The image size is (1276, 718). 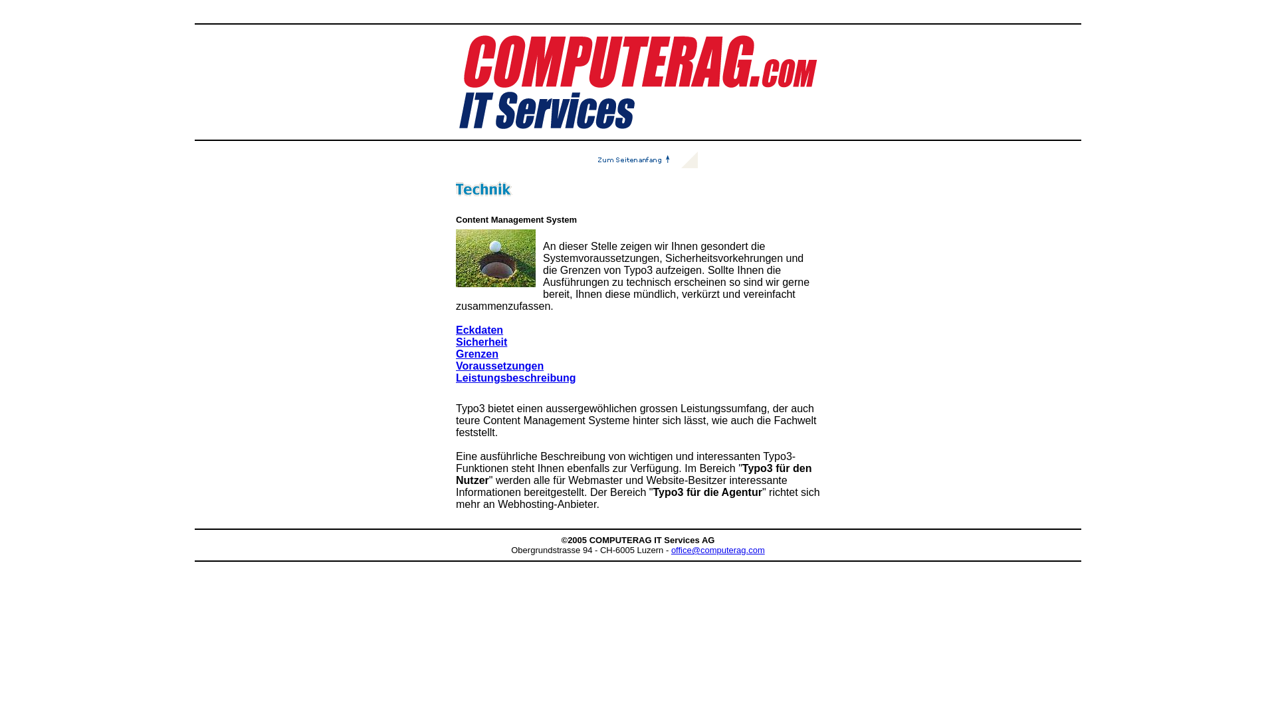 I want to click on 'Eckdaten', so click(x=478, y=329).